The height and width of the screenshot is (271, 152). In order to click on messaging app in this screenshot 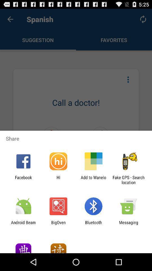, I will do `click(128, 225)`.